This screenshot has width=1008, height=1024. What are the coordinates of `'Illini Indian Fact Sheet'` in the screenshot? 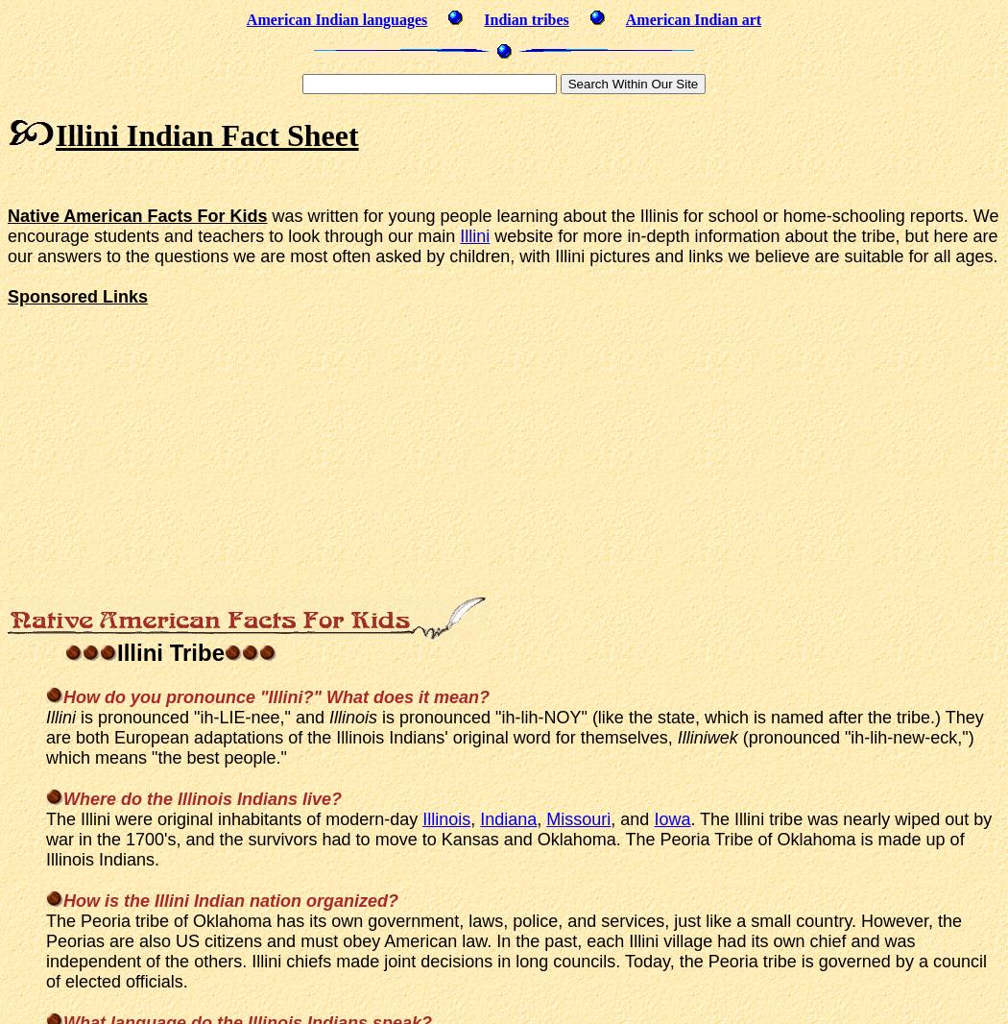 It's located at (205, 134).